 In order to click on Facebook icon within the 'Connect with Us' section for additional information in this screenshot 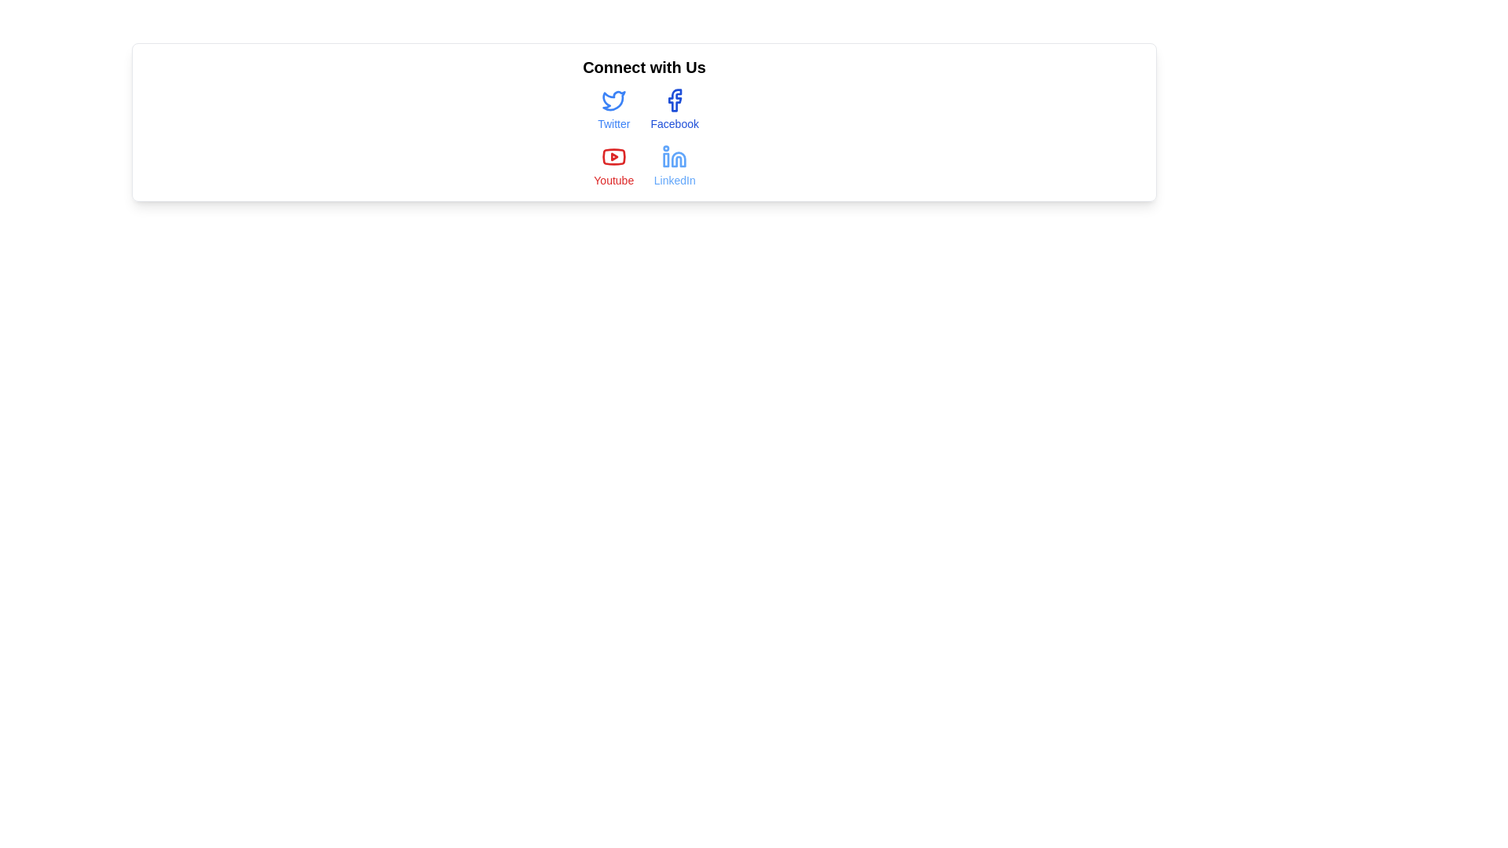, I will do `click(675, 100)`.